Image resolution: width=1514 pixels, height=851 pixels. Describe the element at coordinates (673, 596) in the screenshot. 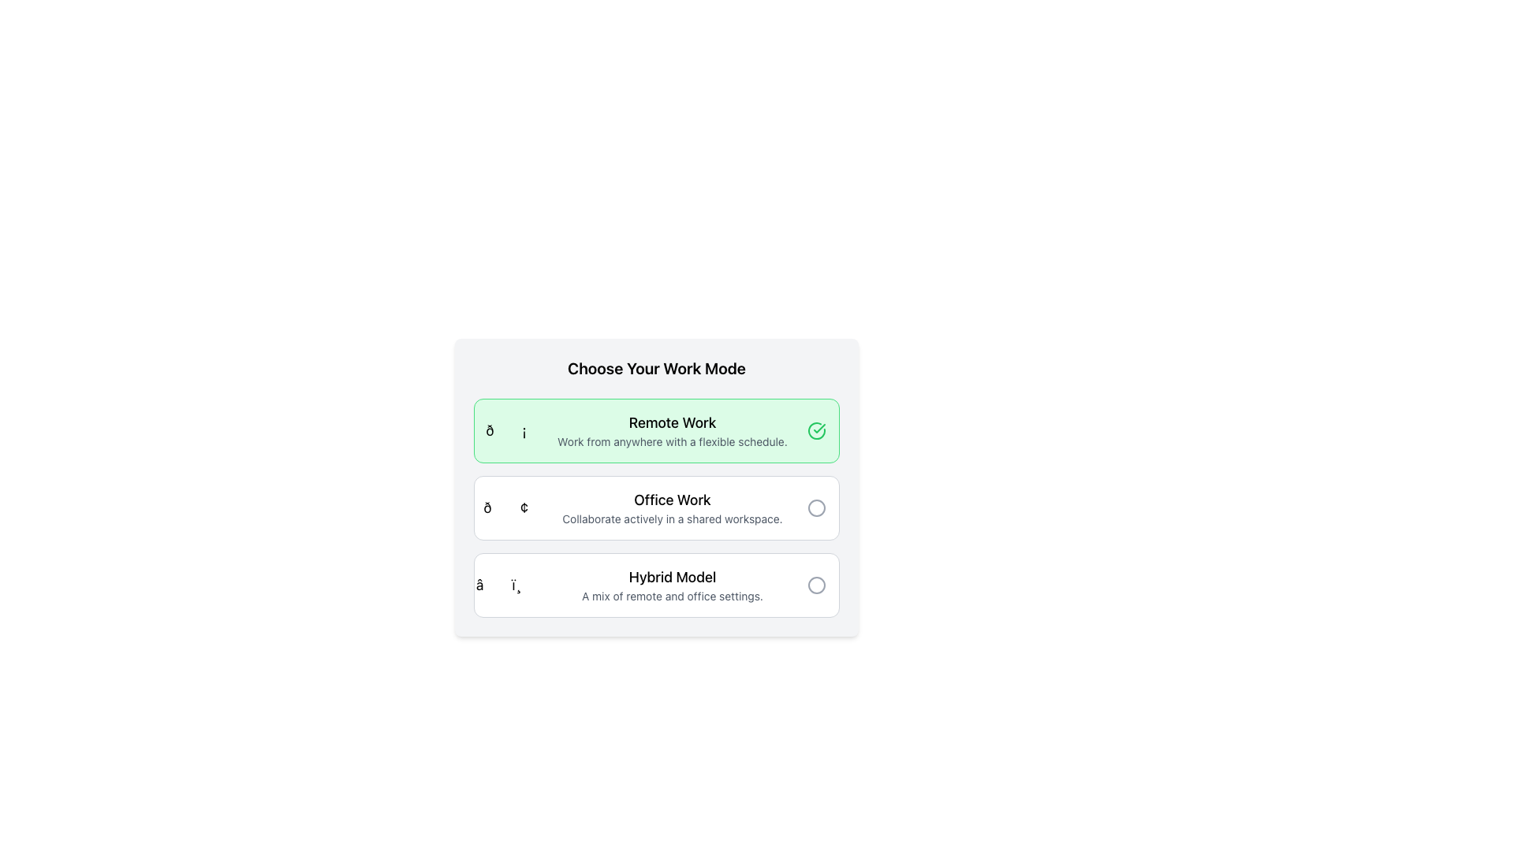

I see `the text label component that reads 'A mix of remote and office settings.' positioned beneath the title 'Hybrid Model'` at that location.